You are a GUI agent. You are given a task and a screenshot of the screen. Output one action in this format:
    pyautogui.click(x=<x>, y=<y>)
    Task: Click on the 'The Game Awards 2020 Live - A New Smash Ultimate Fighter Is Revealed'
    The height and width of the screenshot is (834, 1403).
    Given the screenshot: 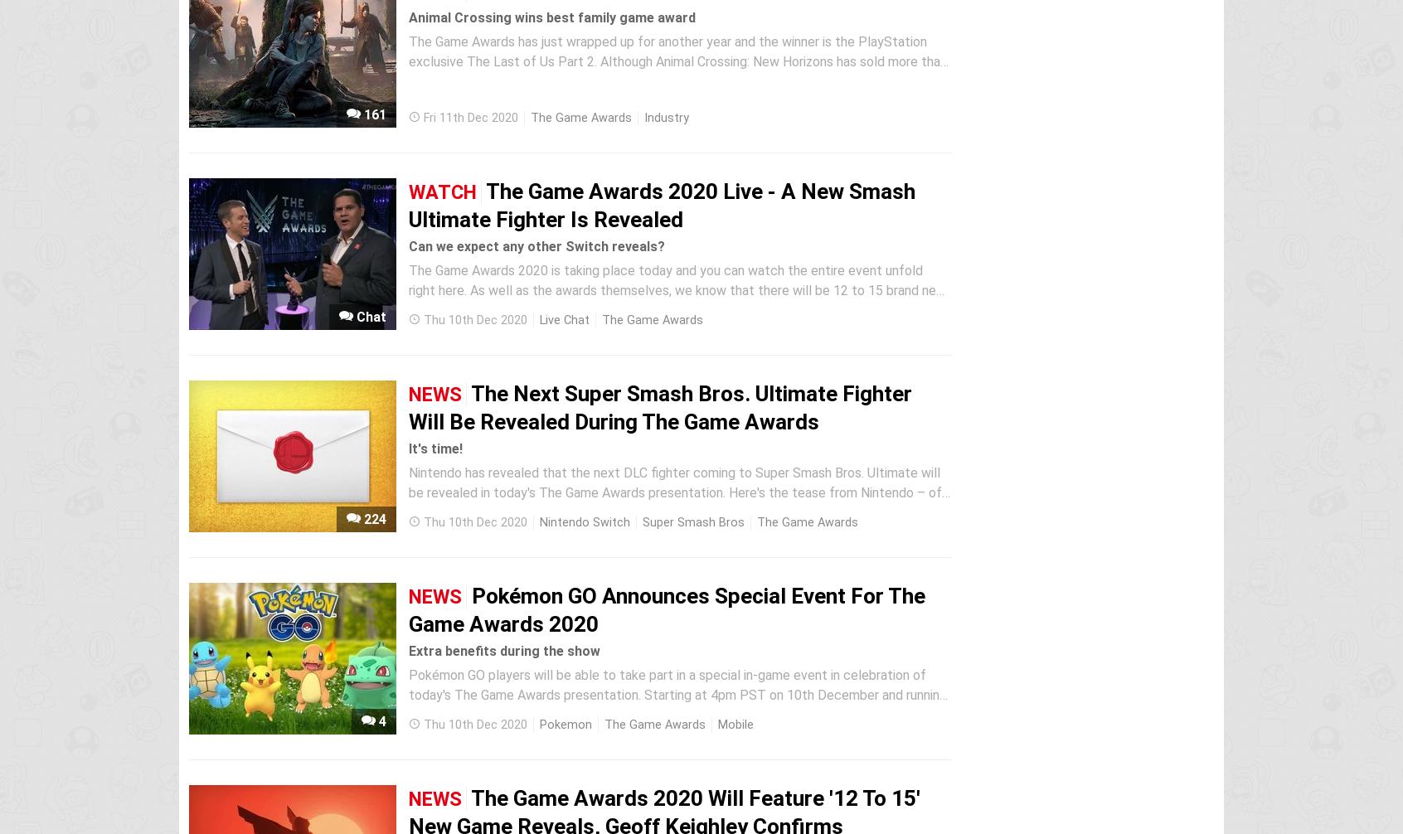 What is the action you would take?
    pyautogui.click(x=662, y=205)
    